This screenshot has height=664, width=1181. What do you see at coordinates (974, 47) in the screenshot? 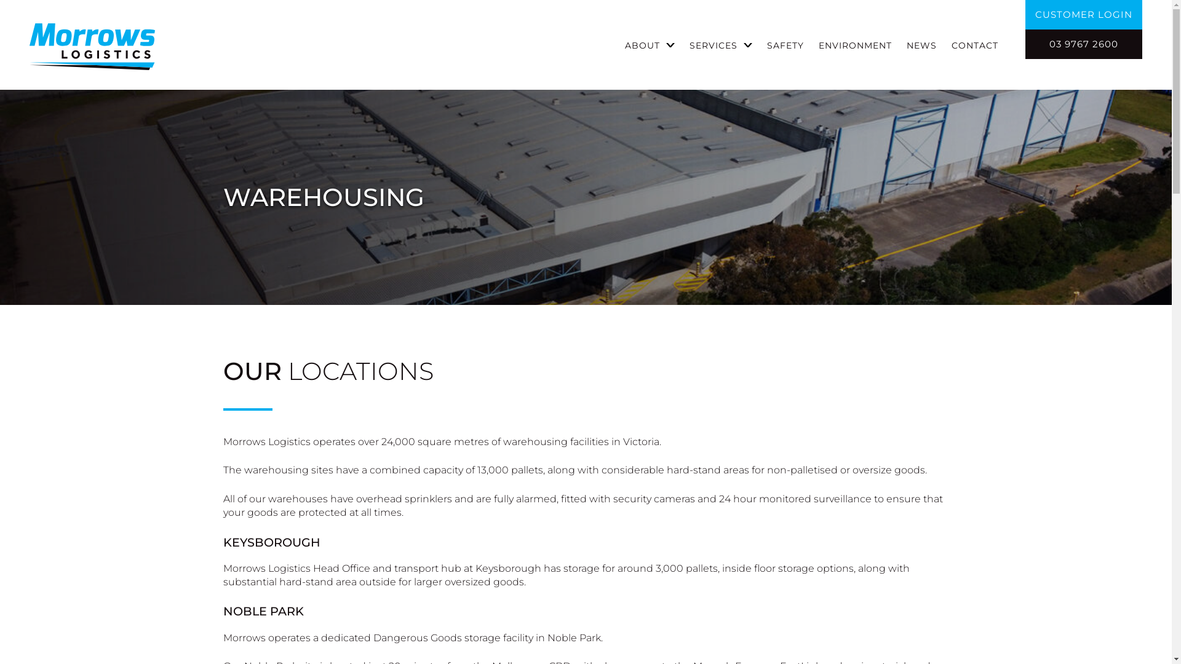
I see `'CONTACT'` at bounding box center [974, 47].